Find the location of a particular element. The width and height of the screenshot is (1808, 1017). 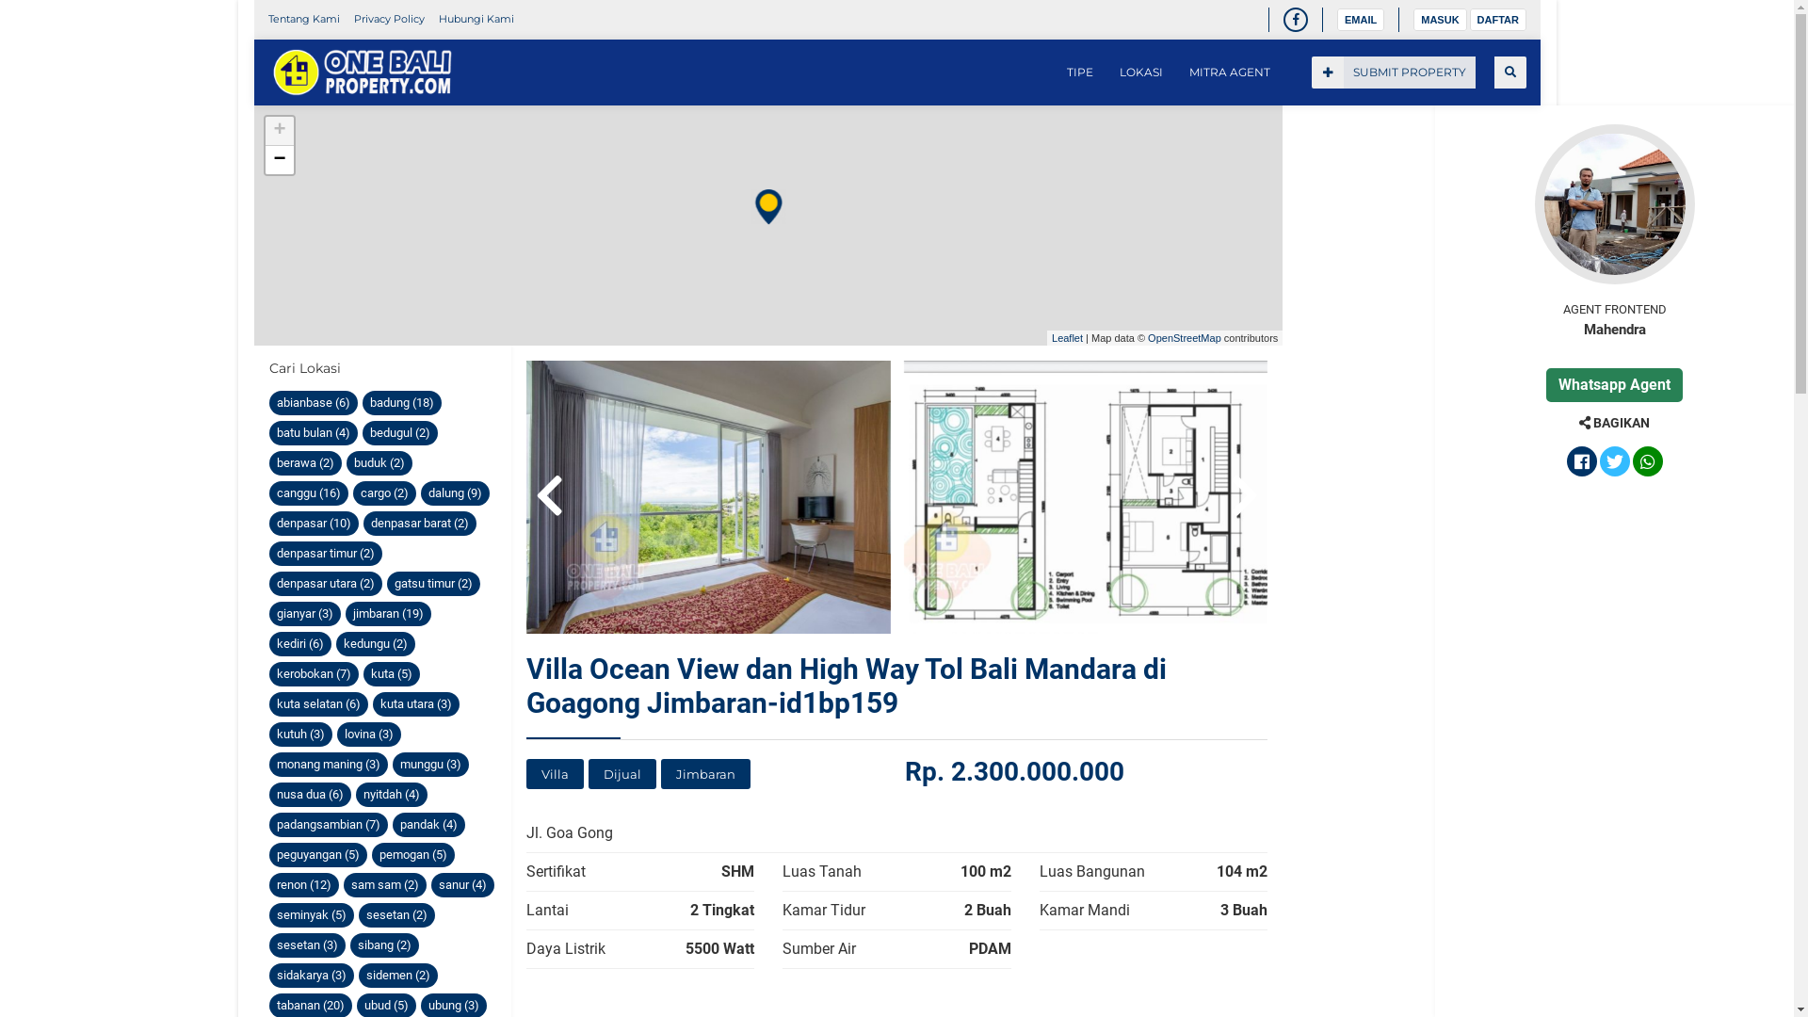

'TIPE' is located at coordinates (1079, 72).